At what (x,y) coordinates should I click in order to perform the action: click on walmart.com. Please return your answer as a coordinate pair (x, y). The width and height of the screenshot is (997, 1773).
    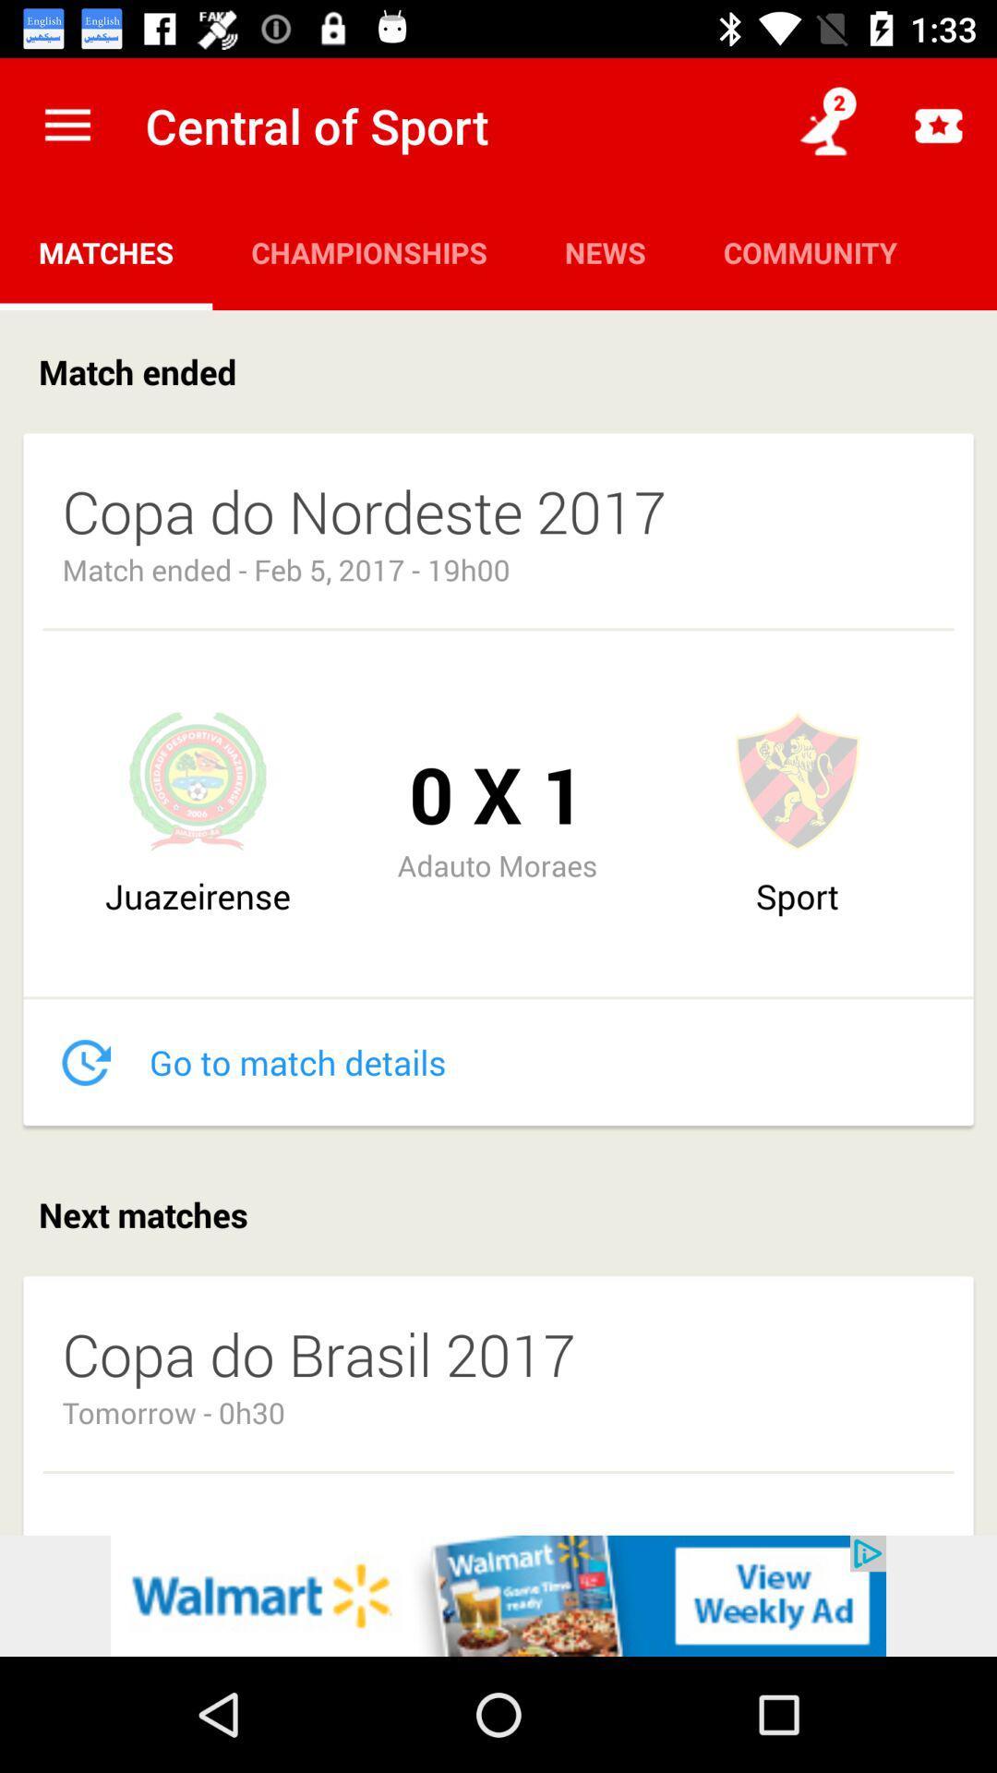
    Looking at the image, I should click on (498, 1595).